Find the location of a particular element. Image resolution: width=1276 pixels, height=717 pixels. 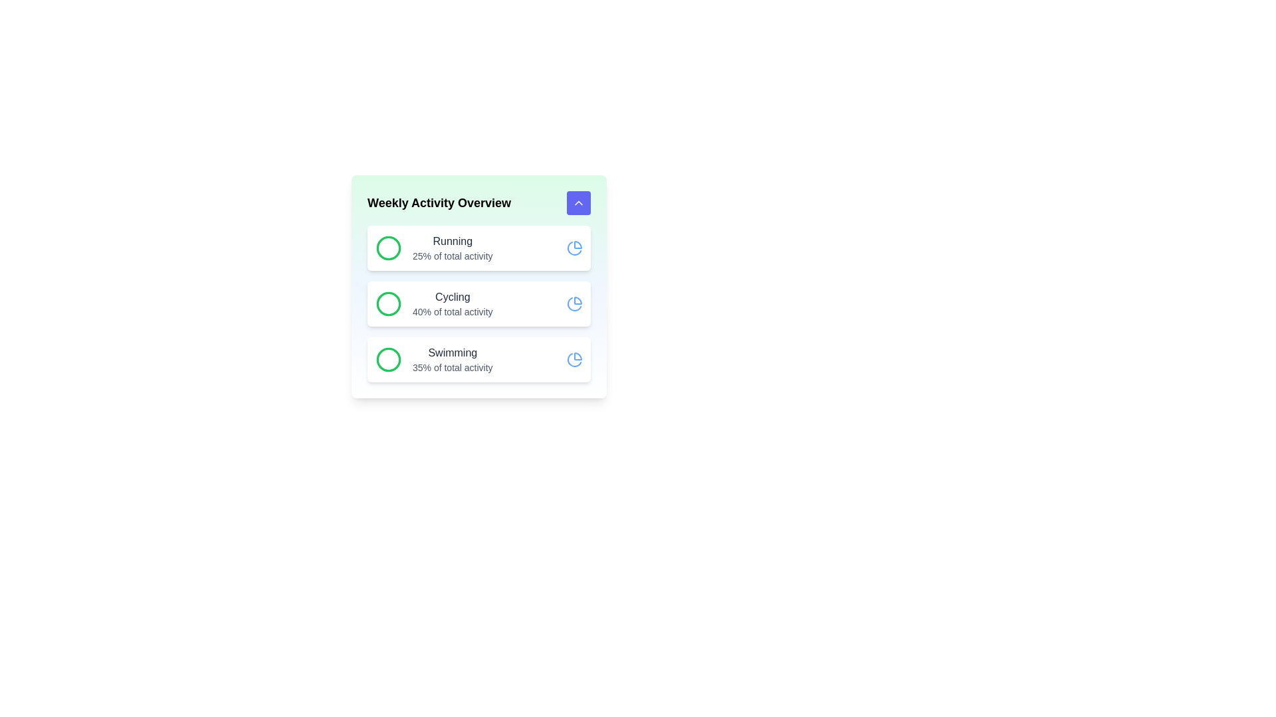

the circular icon with a green outline and white inner area, labeled 'Running', located within the 'Weekly Activity Overview' card is located at coordinates (388, 248).